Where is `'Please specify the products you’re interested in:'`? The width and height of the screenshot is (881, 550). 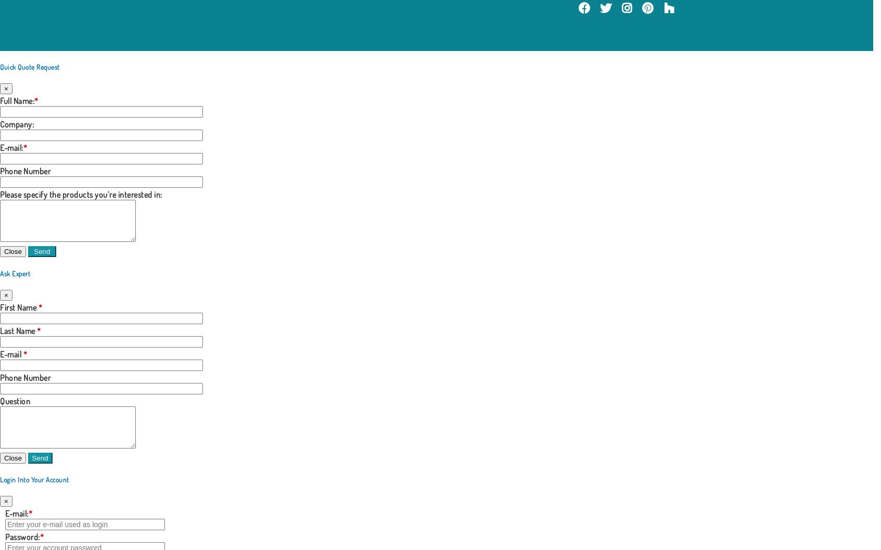 'Please specify the products you’re interested in:' is located at coordinates (0, 194).